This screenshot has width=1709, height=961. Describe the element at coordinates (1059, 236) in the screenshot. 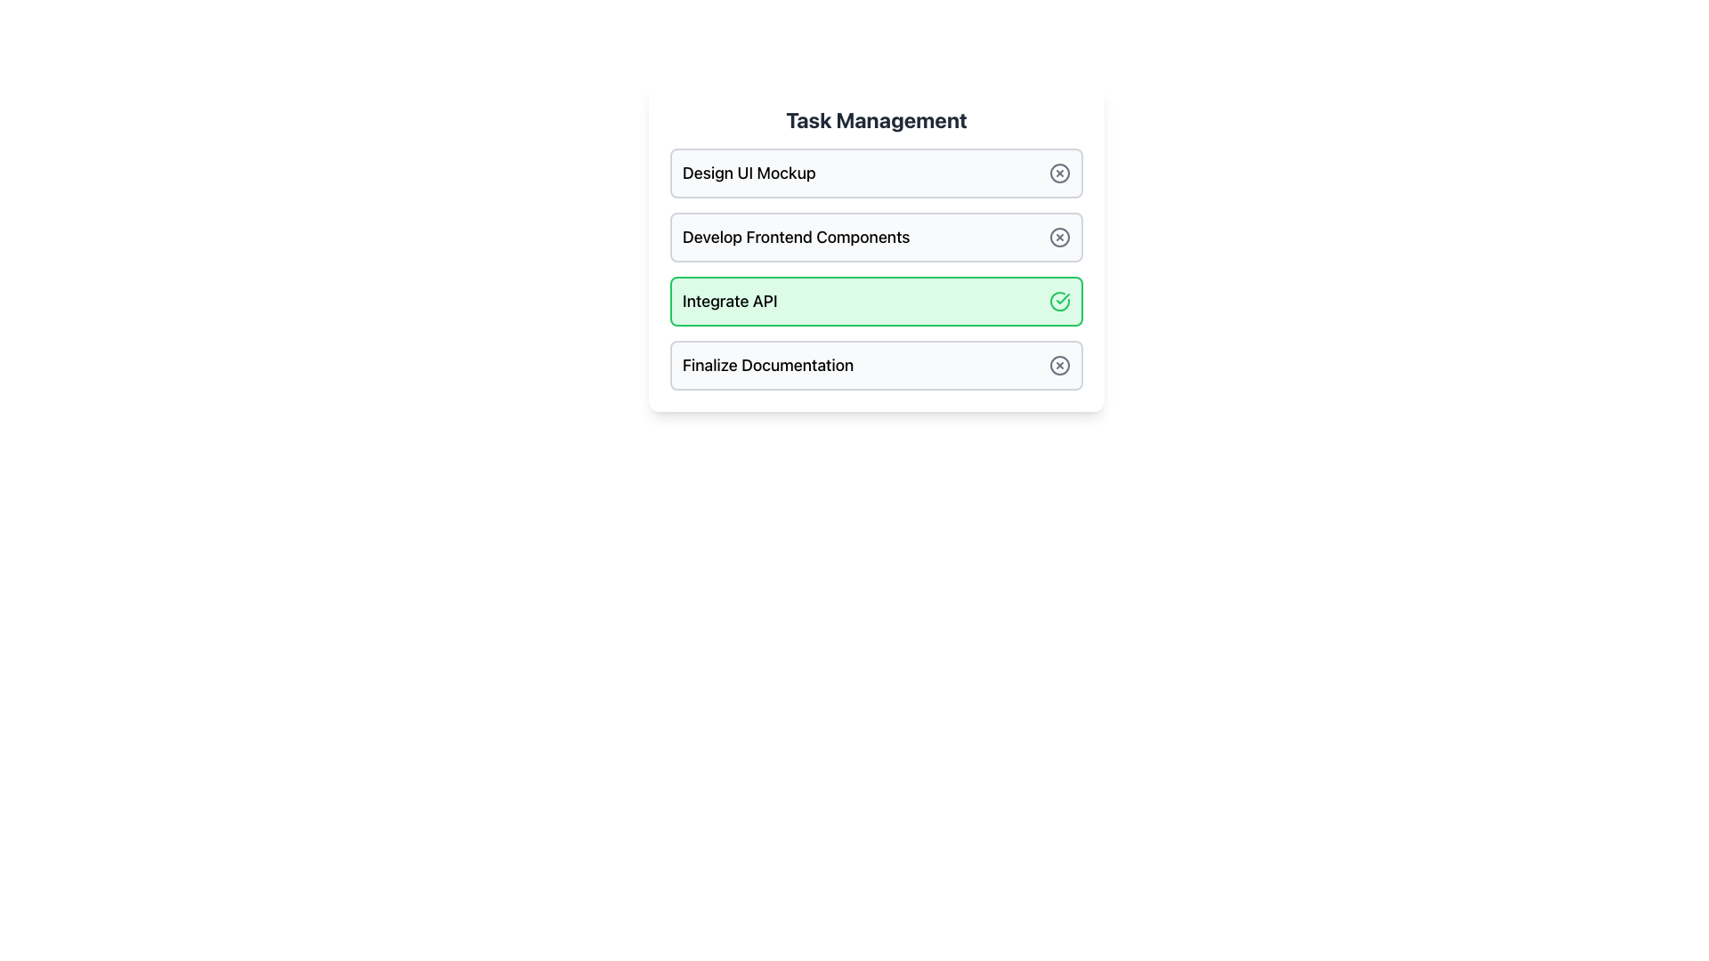

I see `the circular button with a cross mark inside, located` at that location.